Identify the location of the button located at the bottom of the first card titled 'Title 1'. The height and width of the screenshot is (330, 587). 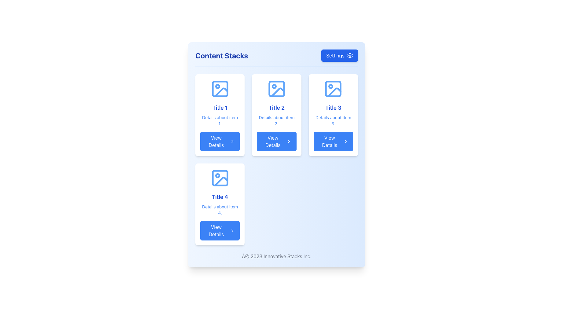
(220, 141).